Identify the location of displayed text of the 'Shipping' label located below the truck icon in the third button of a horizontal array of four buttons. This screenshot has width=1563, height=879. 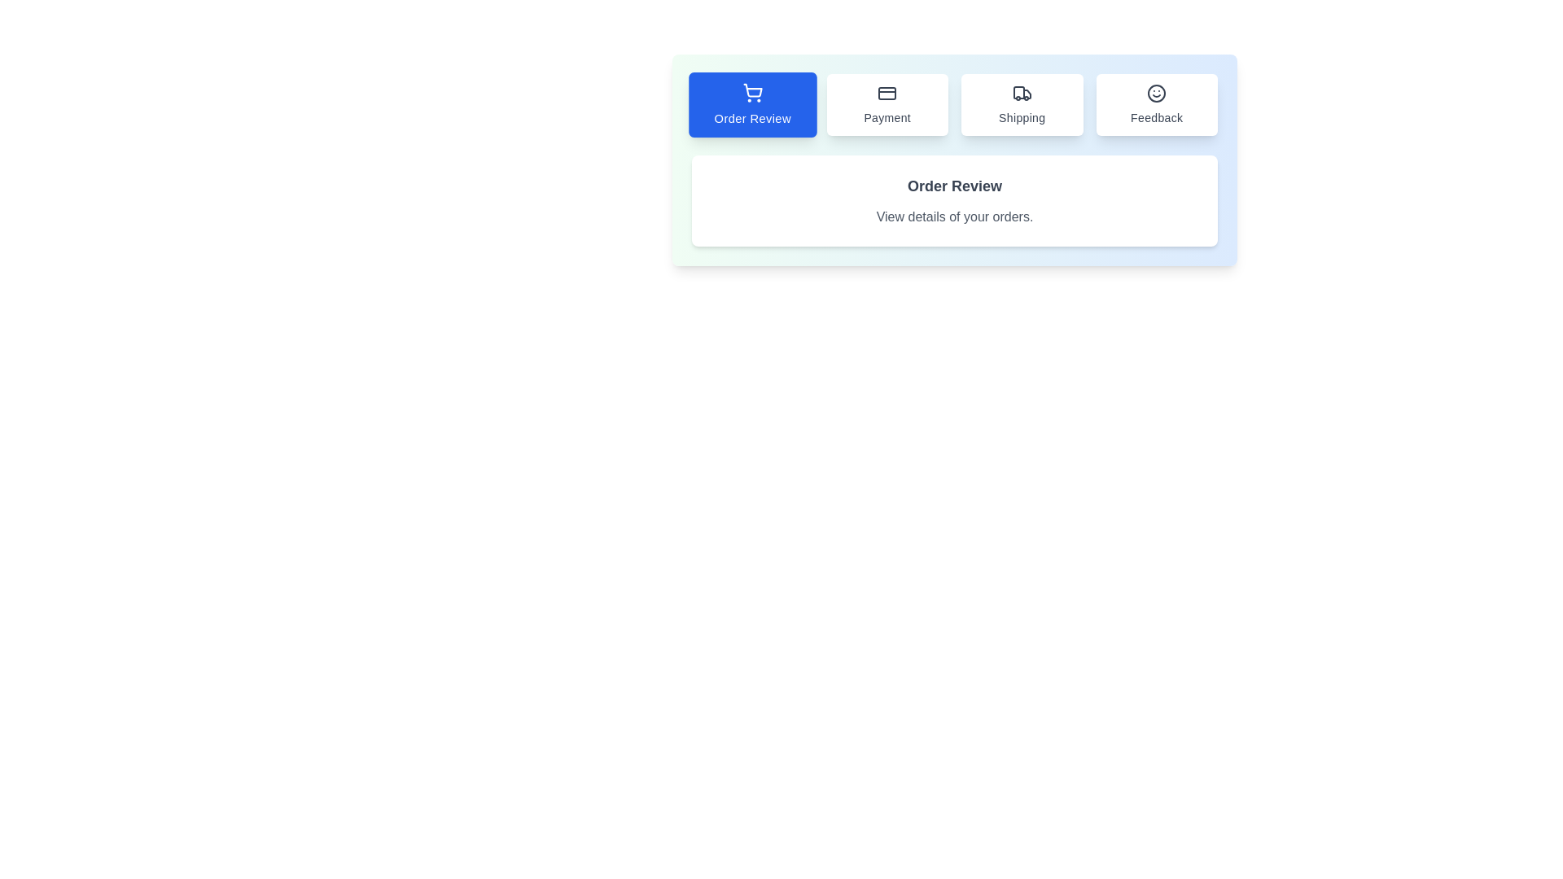
(1021, 117).